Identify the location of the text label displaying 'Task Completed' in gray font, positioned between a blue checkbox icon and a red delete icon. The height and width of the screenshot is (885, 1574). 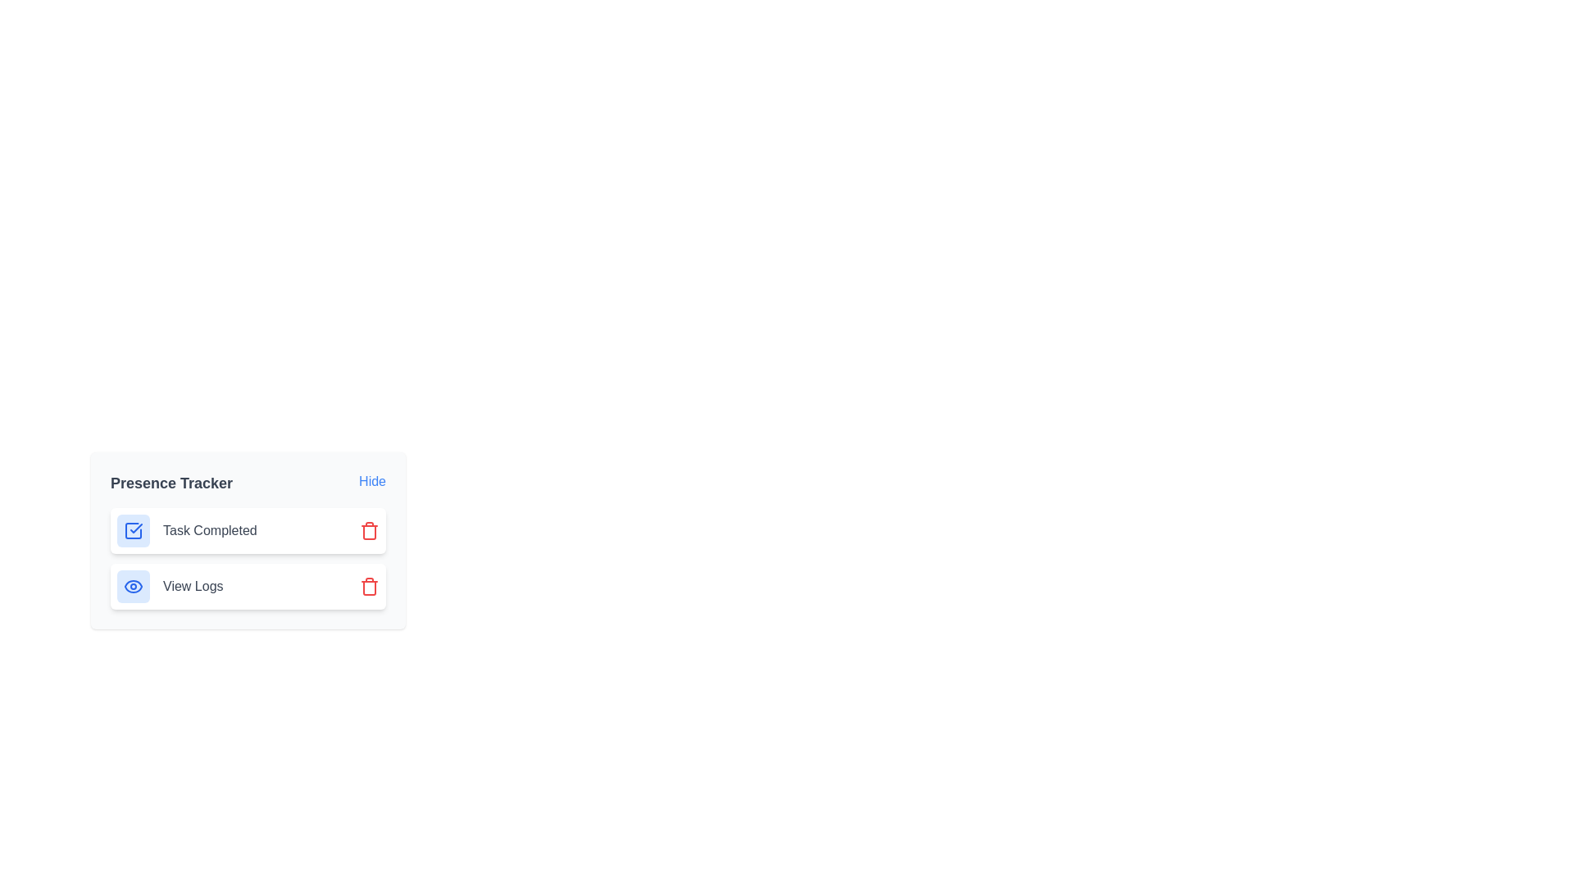
(209, 531).